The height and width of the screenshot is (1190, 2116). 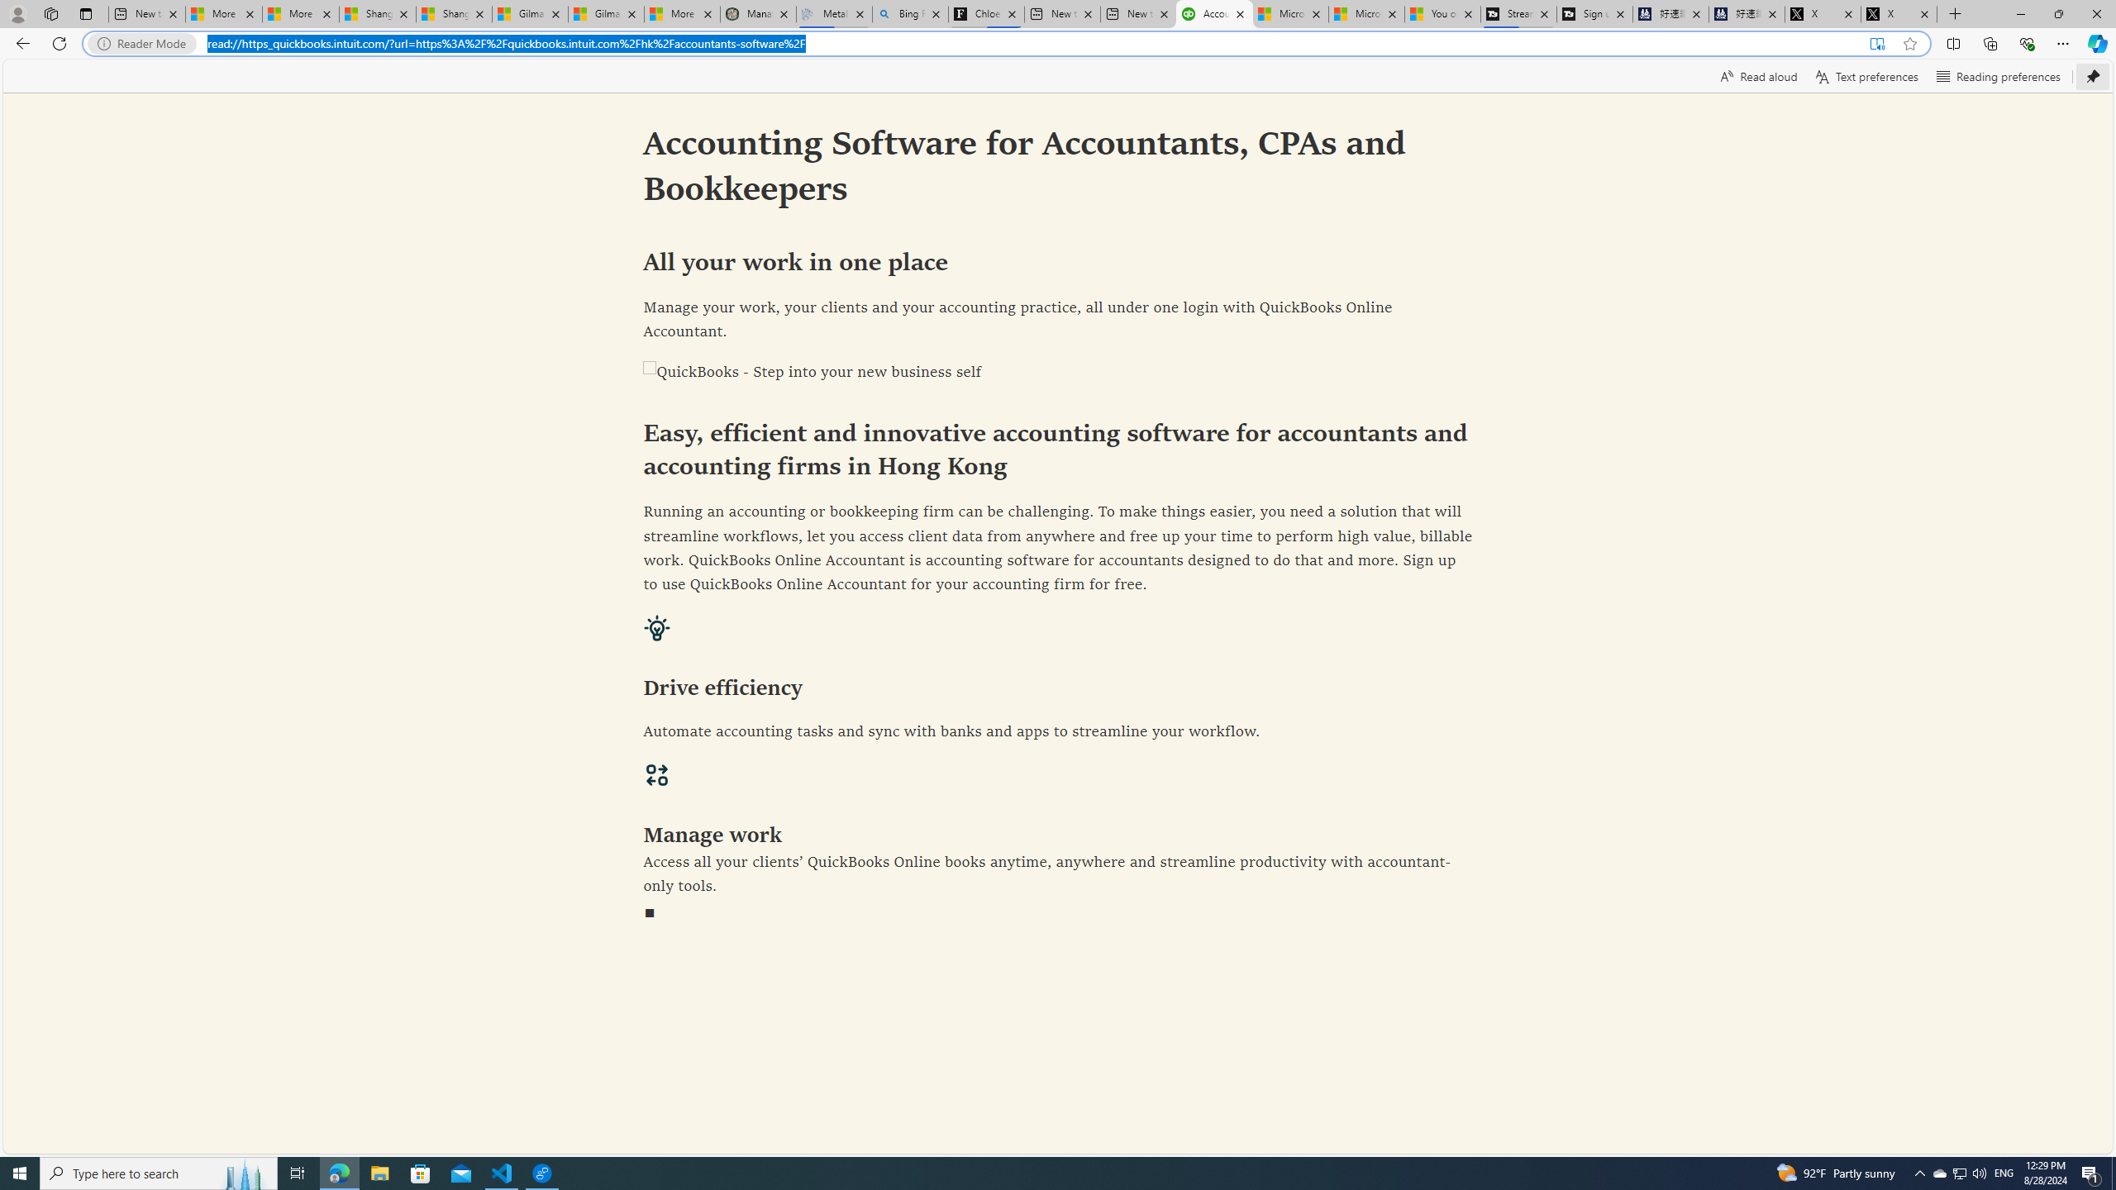 What do you see at coordinates (145, 44) in the screenshot?
I see `'Reader Mode'` at bounding box center [145, 44].